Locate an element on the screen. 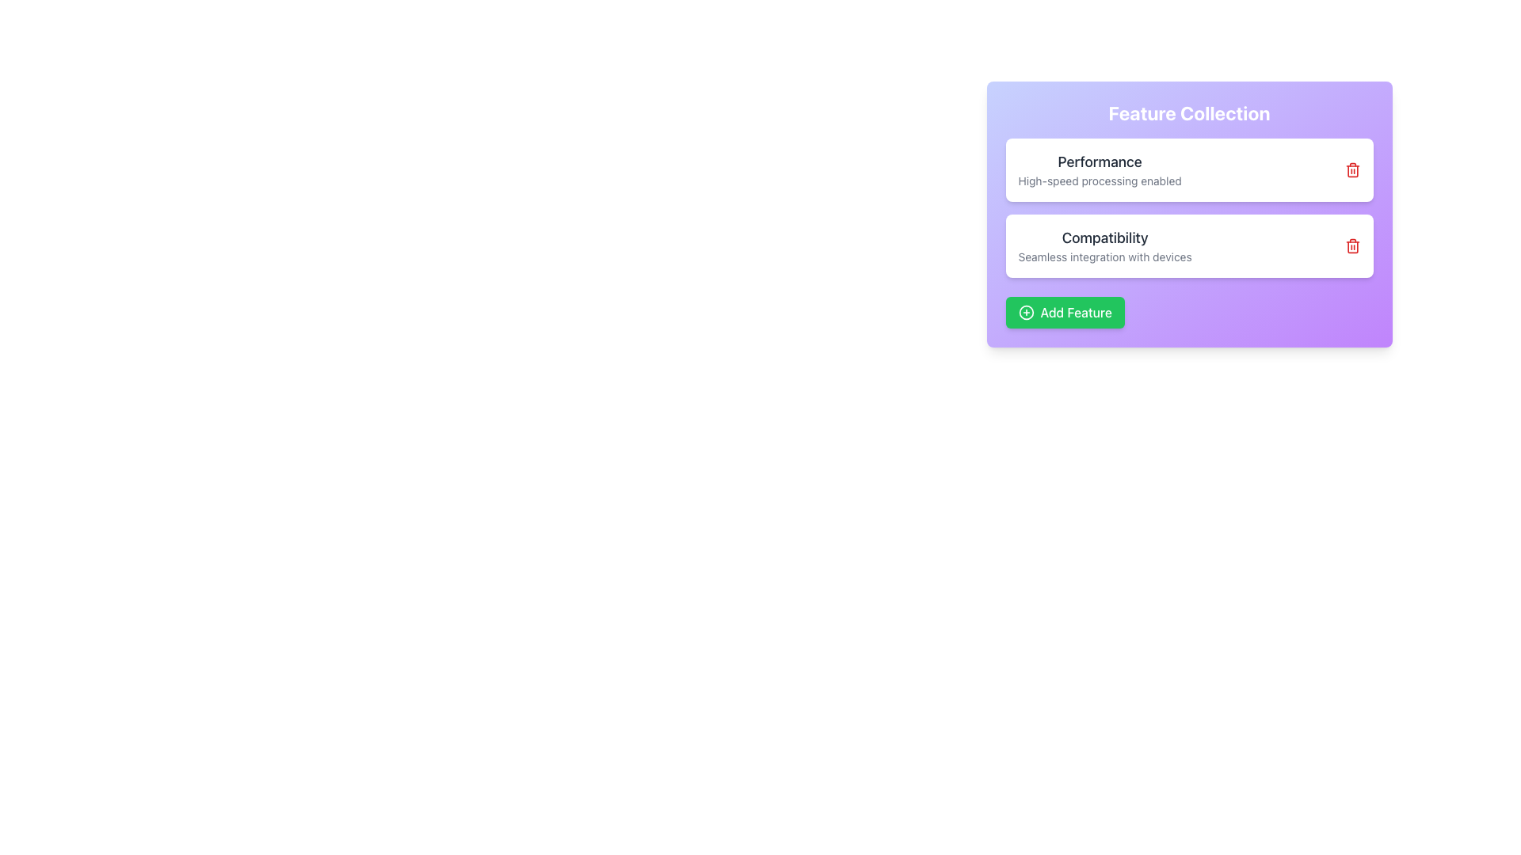 The height and width of the screenshot is (855, 1521). the circular outline of the 'Add Feature' button, which is part of an SVG icon resembling a plus sign within a circle, located in the lower-right corner of the feature collection card is located at coordinates (1026, 312).